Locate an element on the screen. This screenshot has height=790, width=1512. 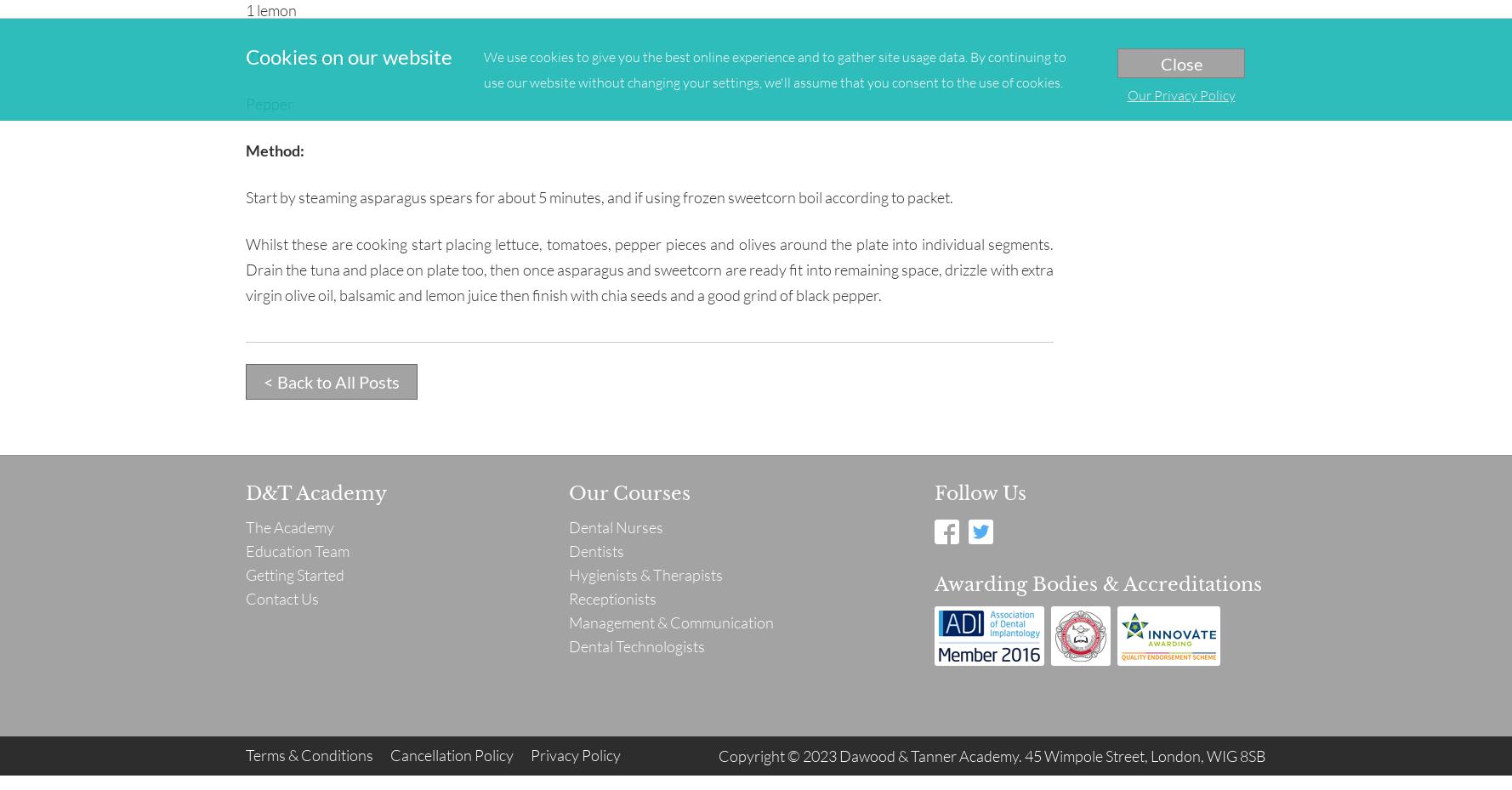
'Follow Us' is located at coordinates (981, 492).